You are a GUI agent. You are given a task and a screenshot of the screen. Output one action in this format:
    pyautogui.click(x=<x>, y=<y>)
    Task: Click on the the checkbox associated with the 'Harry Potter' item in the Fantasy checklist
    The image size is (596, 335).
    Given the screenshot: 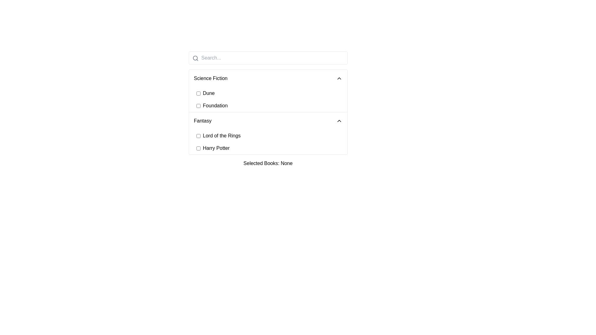 What is the action you would take?
    pyautogui.click(x=272, y=148)
    